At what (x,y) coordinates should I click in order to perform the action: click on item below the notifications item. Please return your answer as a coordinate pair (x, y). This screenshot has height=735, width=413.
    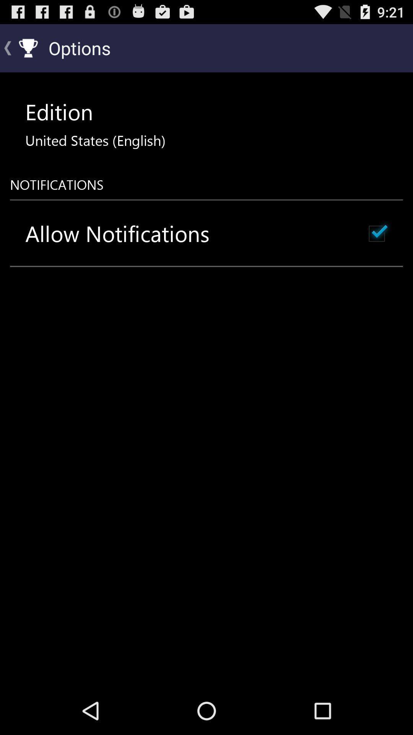
    Looking at the image, I should click on (117, 233).